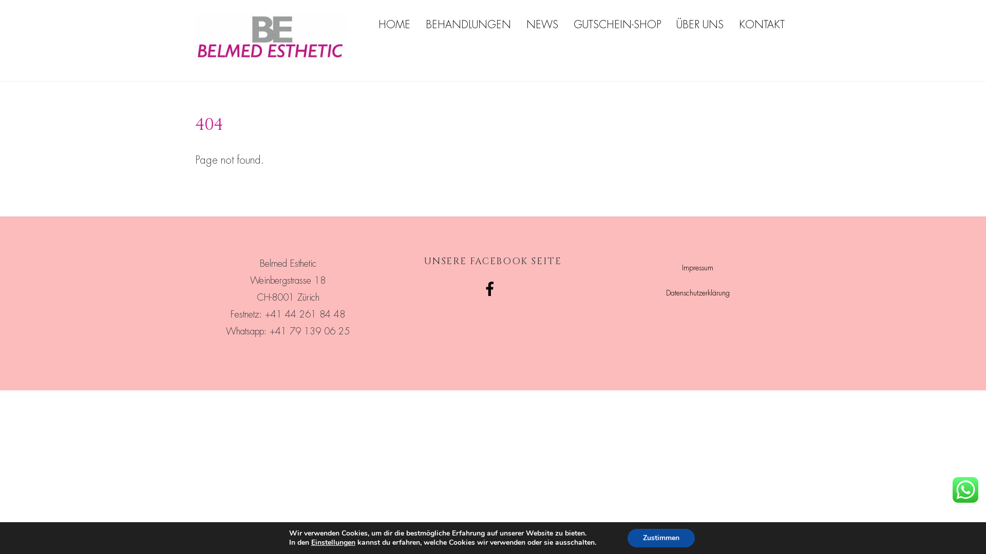 The image size is (986, 554). I want to click on 'KONTAKT', so click(762, 24).